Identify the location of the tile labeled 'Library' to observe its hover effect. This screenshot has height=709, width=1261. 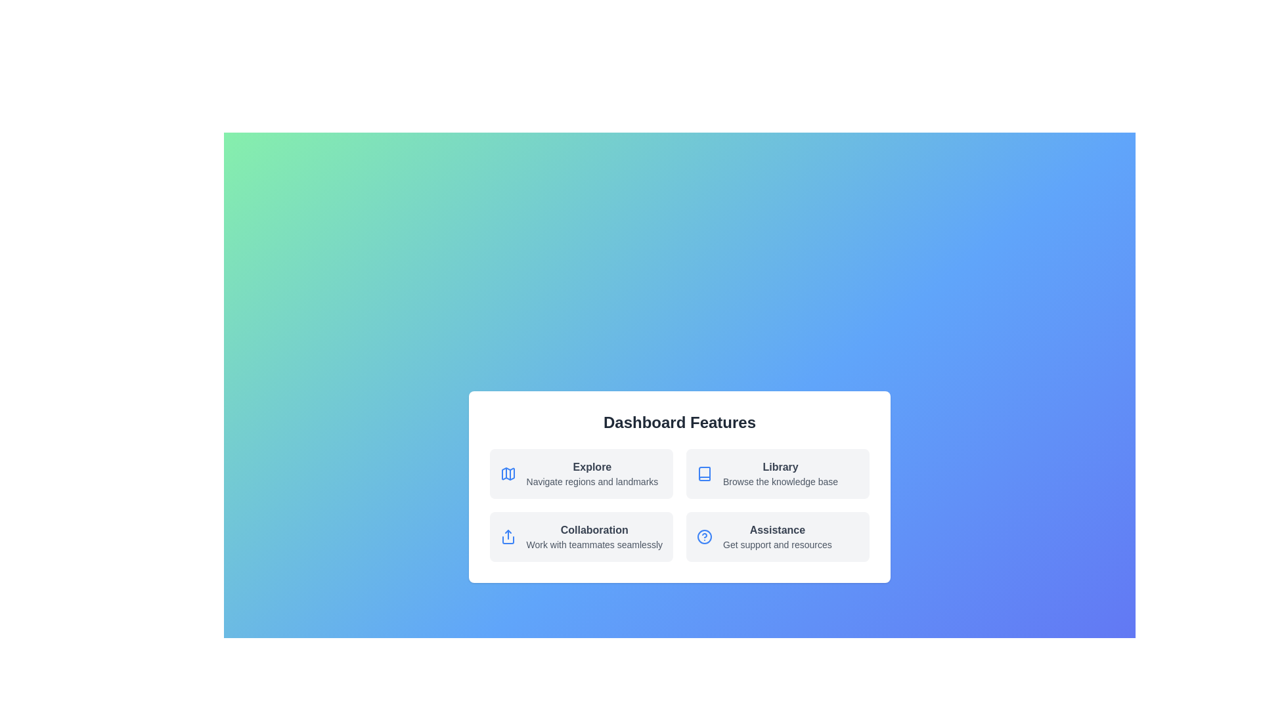
(778, 473).